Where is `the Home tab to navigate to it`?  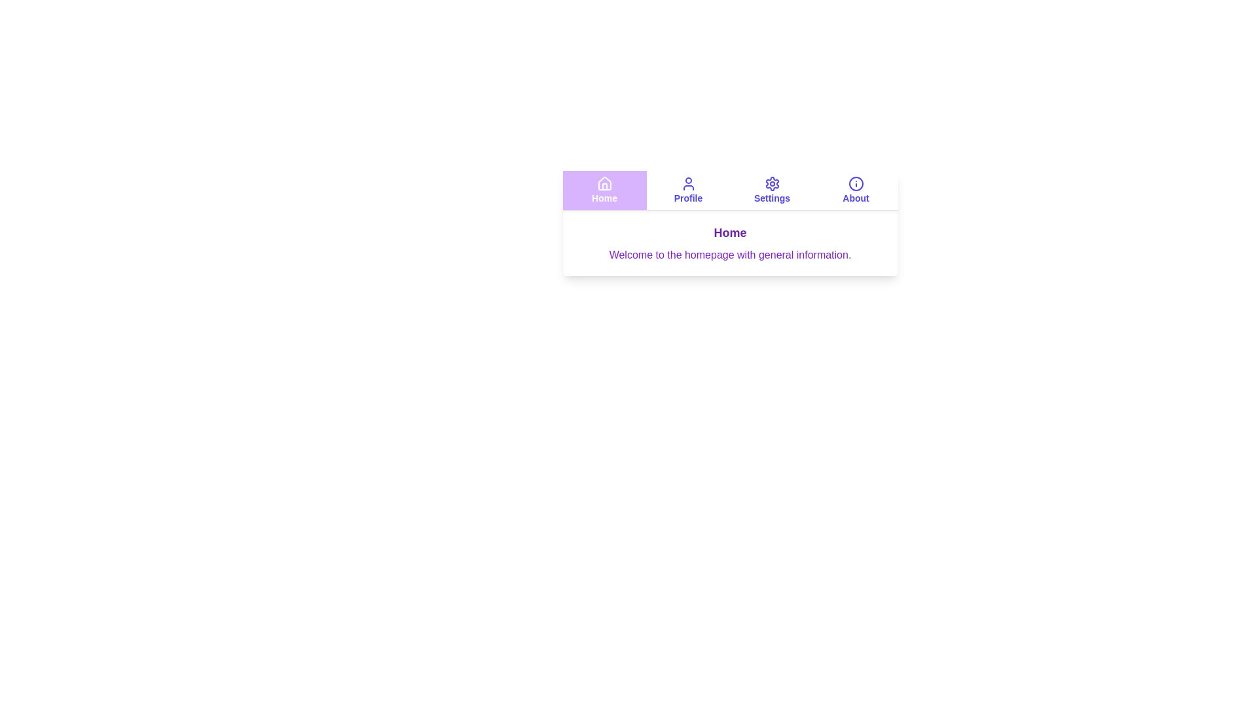 the Home tab to navigate to it is located at coordinates (604, 190).